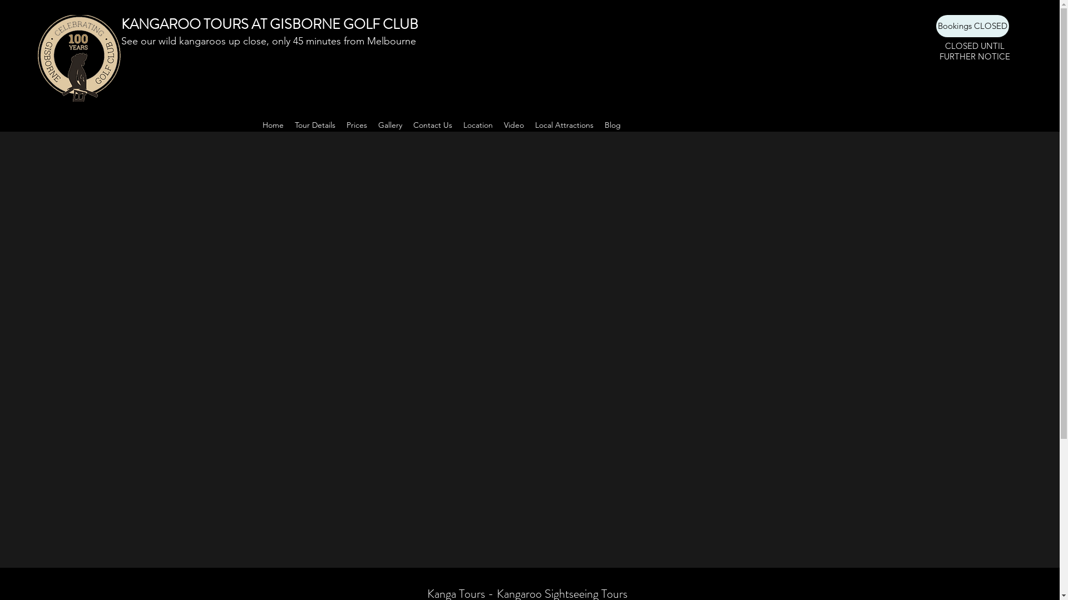 This screenshot has width=1068, height=600. I want to click on 'Home', so click(273, 124).